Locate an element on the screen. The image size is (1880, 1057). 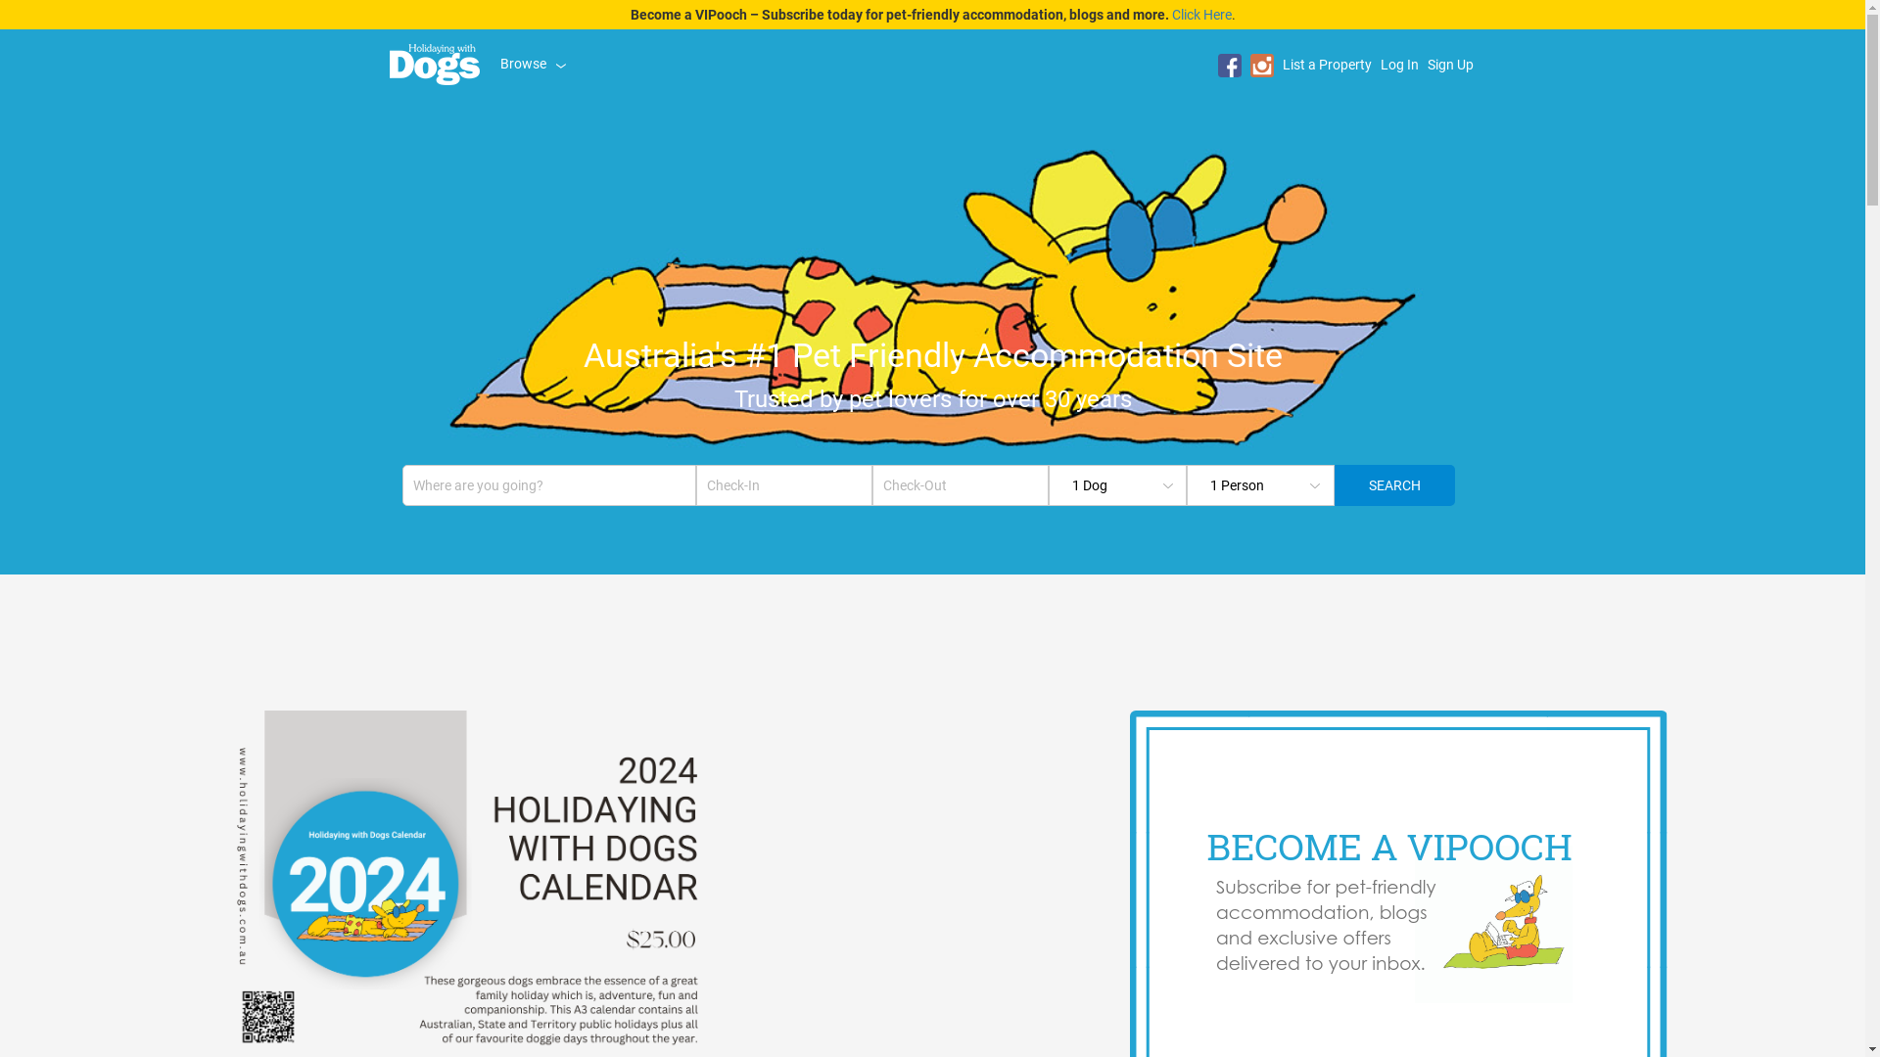
'Search' is located at coordinates (1393, 484).